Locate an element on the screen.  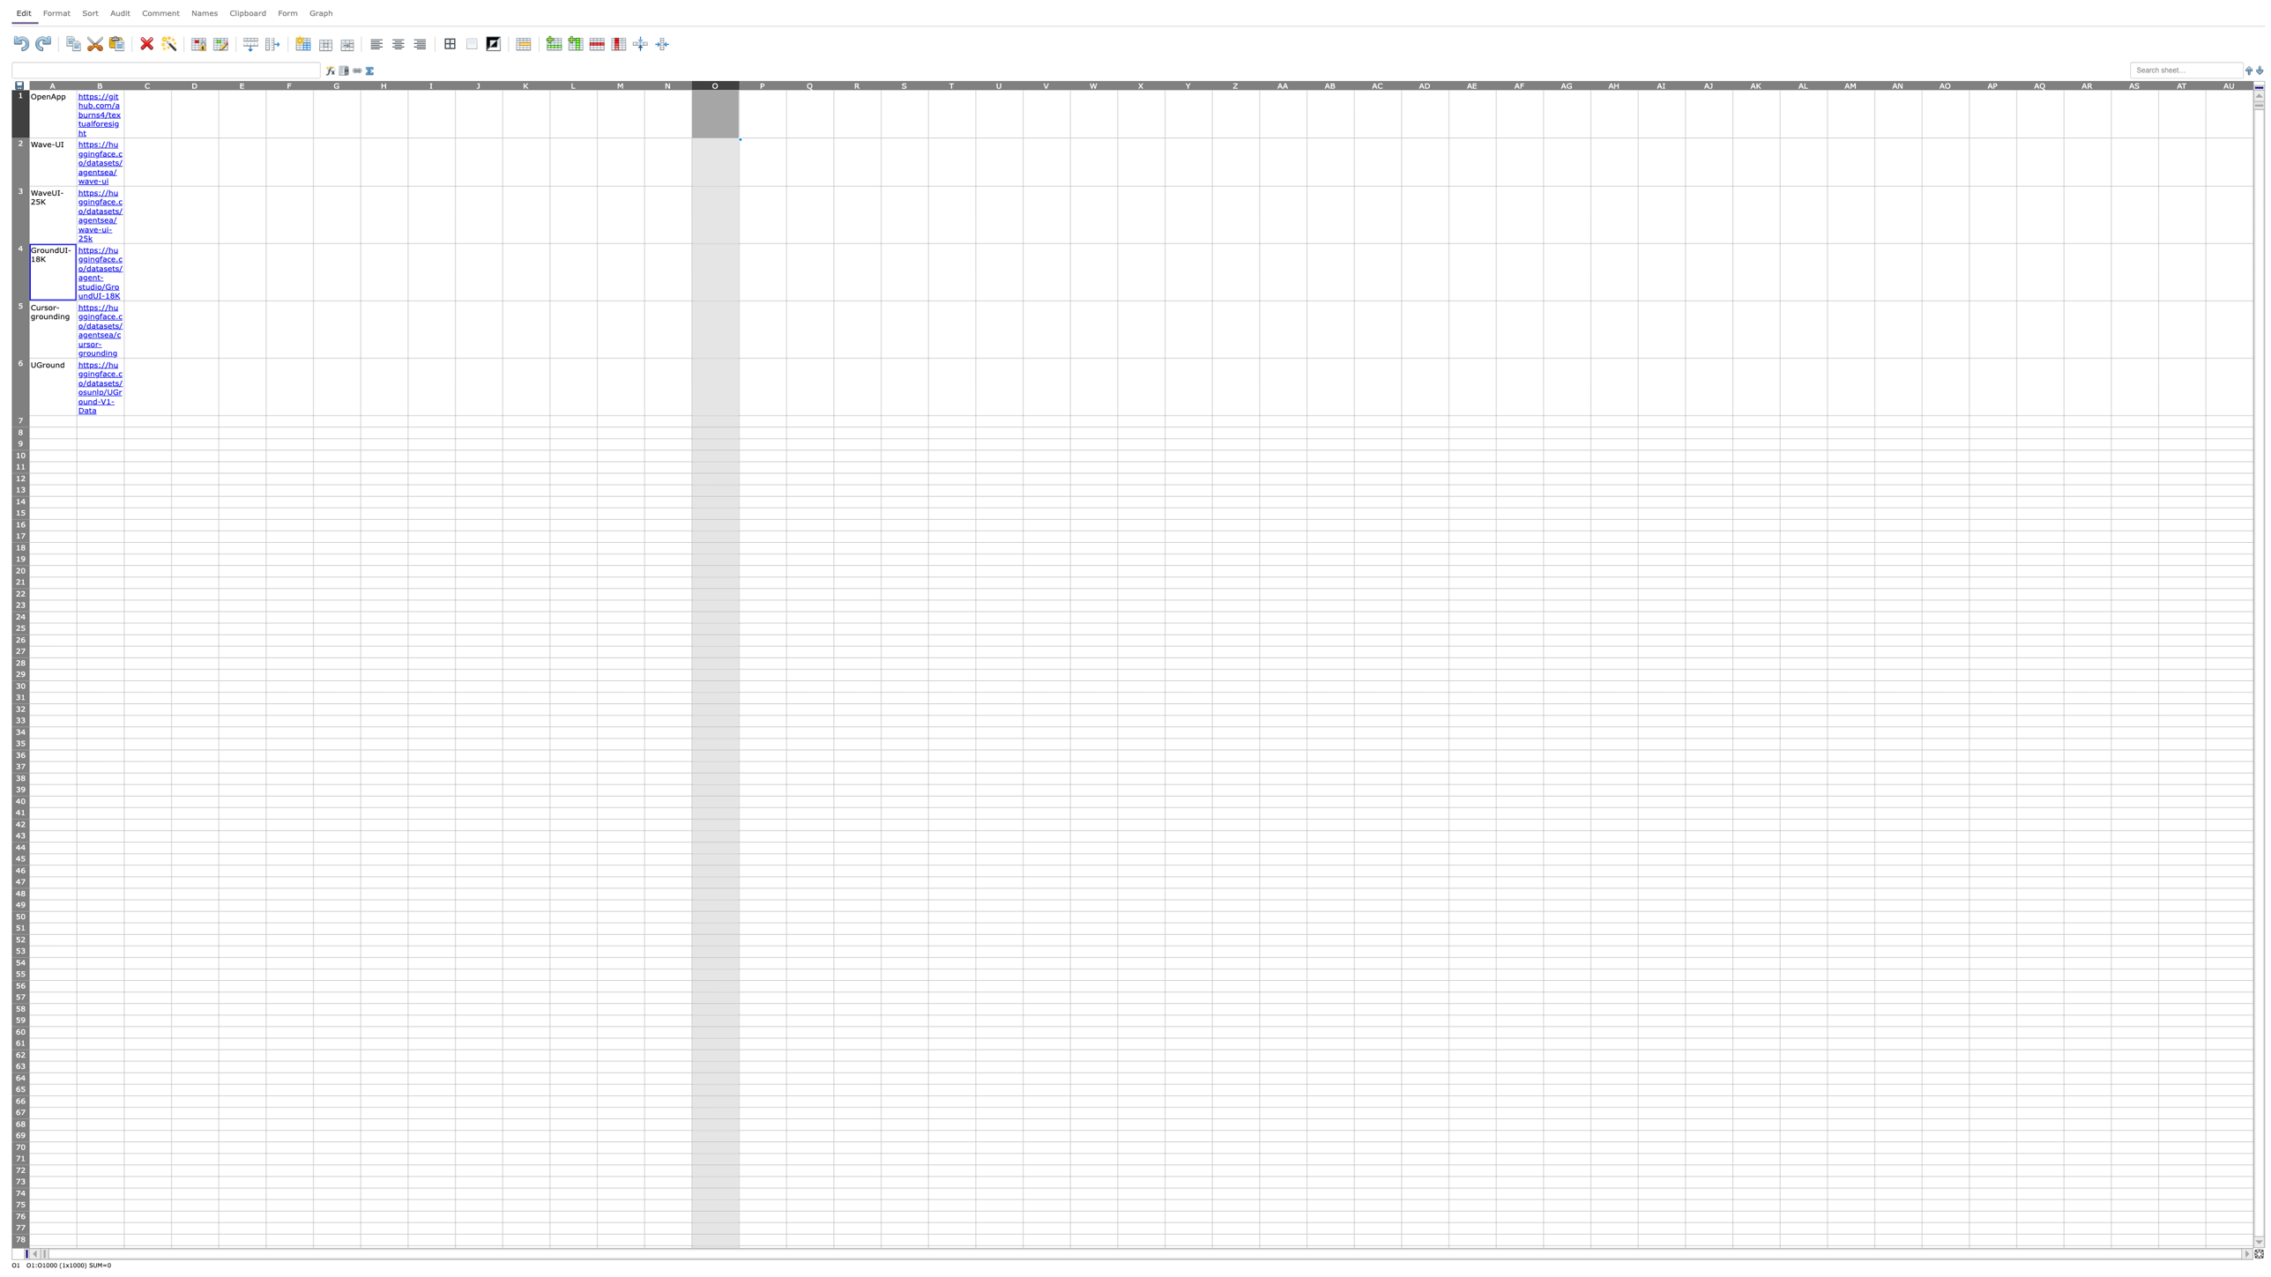
Move cursor to column P is located at coordinates (762, 84).